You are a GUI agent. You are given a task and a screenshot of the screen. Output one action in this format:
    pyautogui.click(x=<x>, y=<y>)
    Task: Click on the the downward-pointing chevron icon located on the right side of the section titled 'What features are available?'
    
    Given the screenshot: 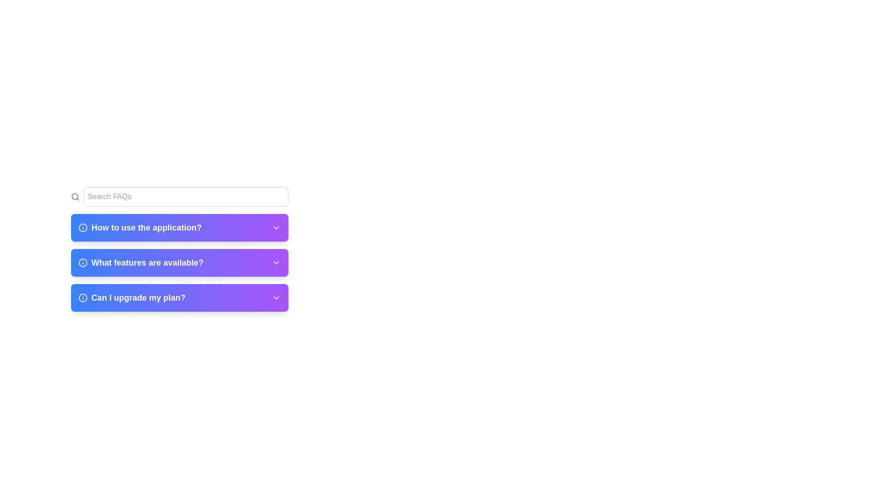 What is the action you would take?
    pyautogui.click(x=276, y=263)
    